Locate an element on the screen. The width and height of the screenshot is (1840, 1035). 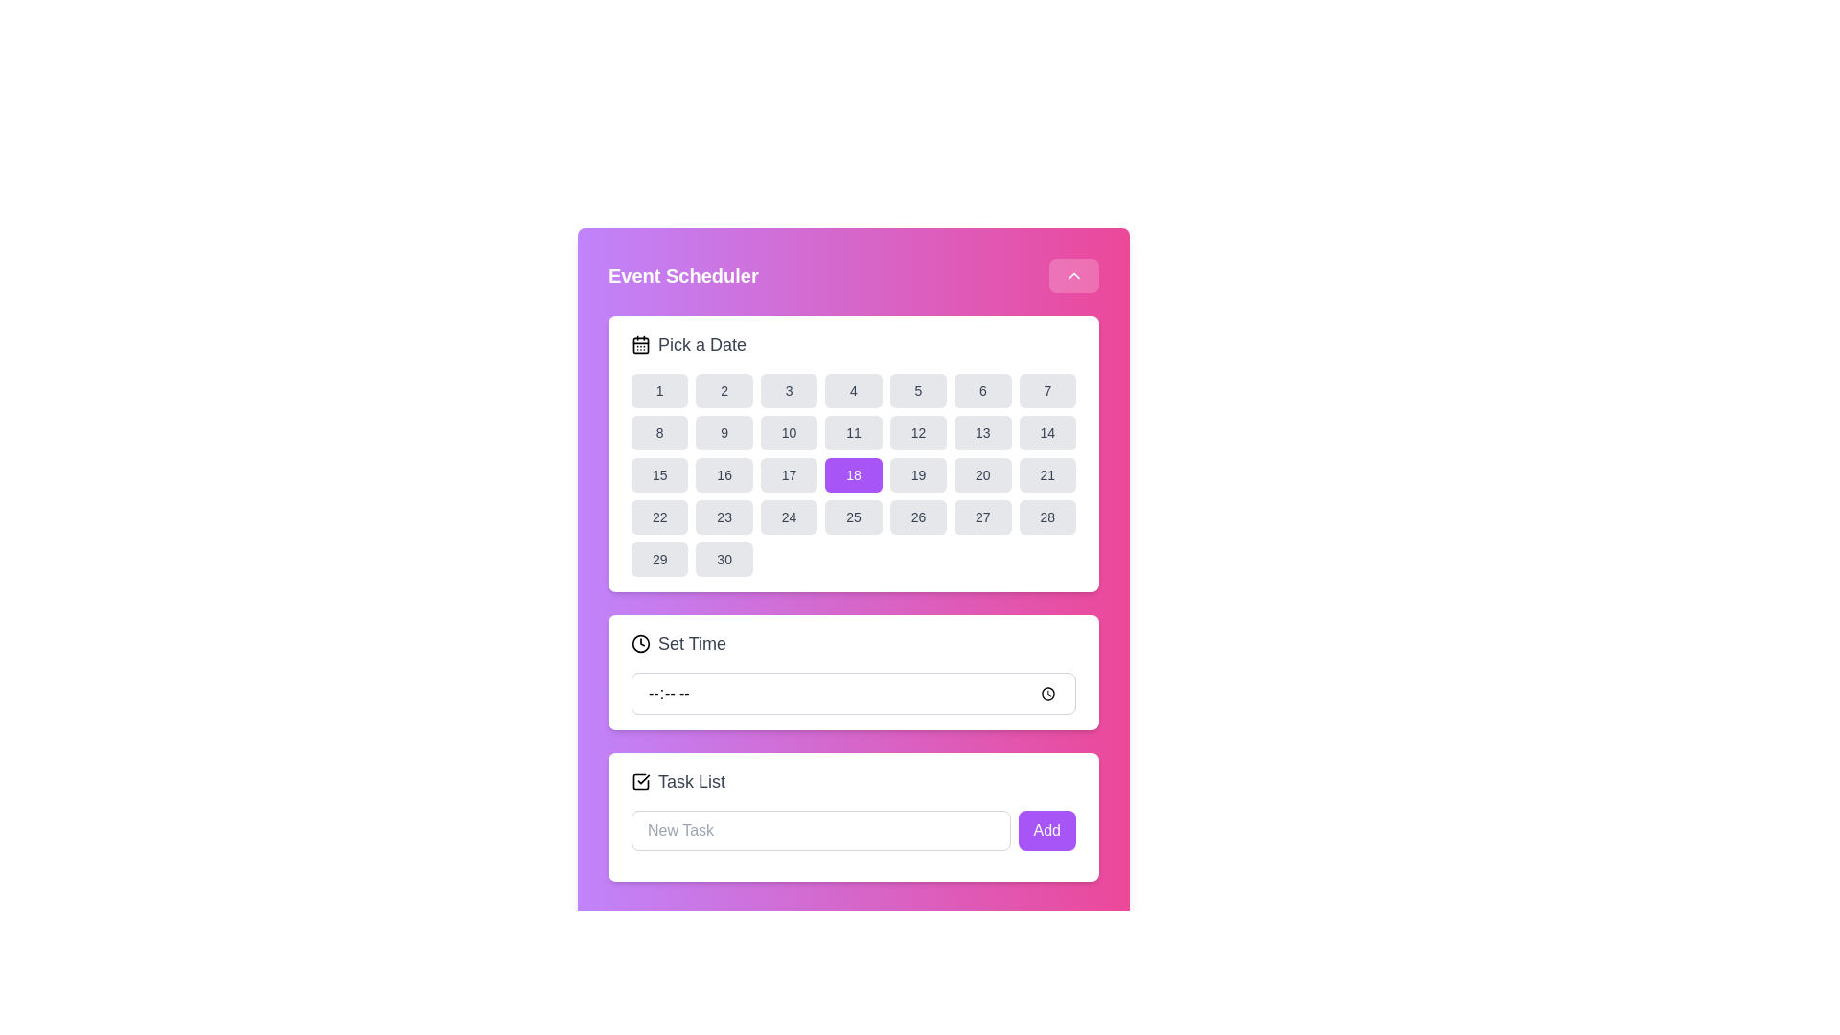
the button displaying the number '8' with a light gray background and dark gray text, located in the second row and first column of the 'Pick a Date' section is located at coordinates (659, 432).